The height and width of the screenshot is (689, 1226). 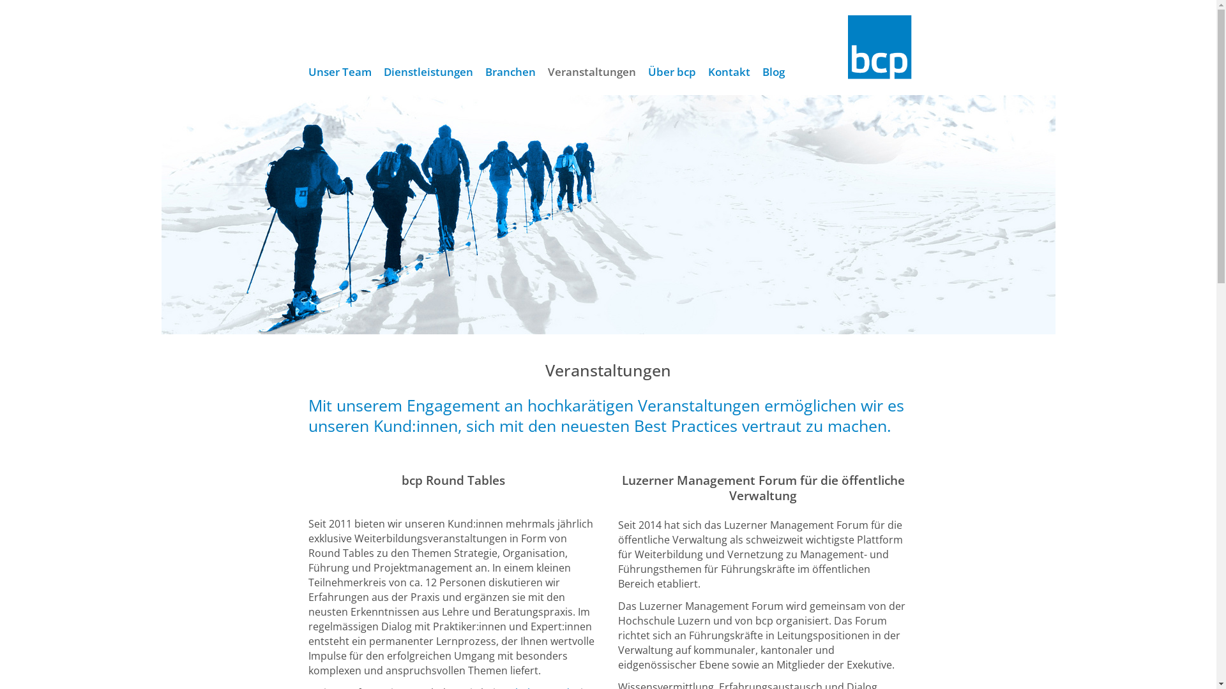 What do you see at coordinates (302, 71) in the screenshot?
I see `'Unser Team'` at bounding box center [302, 71].